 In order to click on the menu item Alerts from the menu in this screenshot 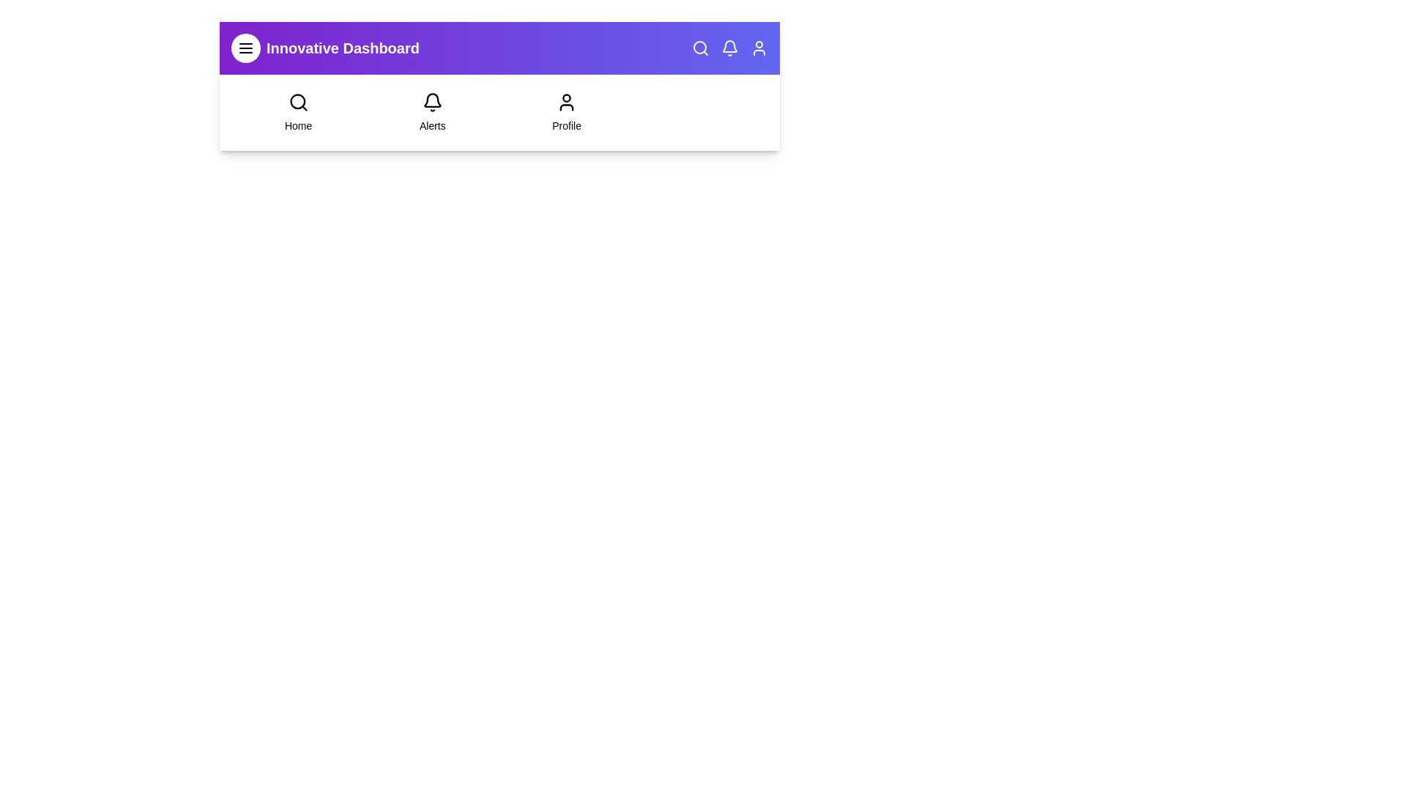, I will do `click(431, 112)`.